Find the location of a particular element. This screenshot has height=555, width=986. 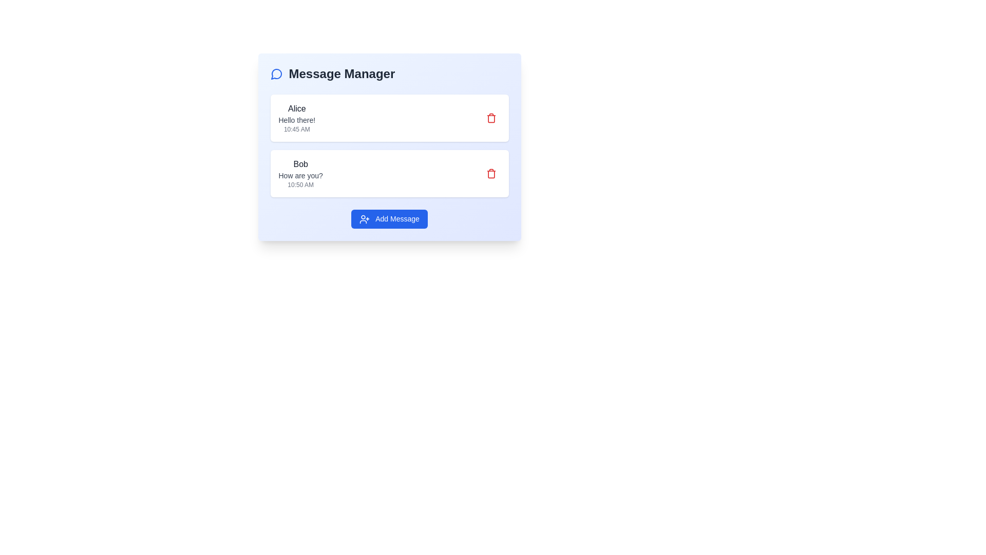

the blue button with a user plus icon and 'Add Message' text located at the bottom-center of the interface is located at coordinates (389, 218).